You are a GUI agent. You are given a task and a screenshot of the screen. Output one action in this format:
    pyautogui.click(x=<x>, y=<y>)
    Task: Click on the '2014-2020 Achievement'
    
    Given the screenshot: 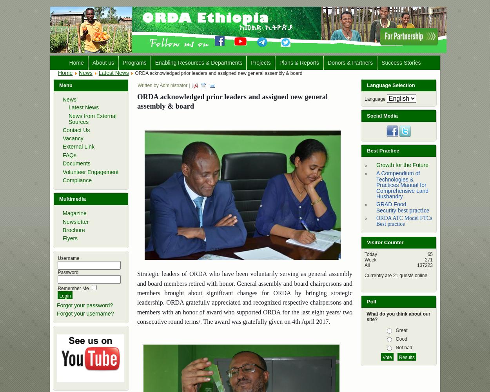 What is the action you would take?
    pyautogui.click(x=309, y=92)
    